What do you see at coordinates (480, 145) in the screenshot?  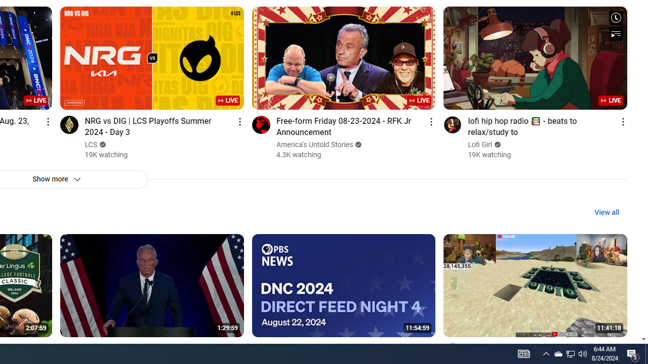 I see `'Lofi Girl'` at bounding box center [480, 145].